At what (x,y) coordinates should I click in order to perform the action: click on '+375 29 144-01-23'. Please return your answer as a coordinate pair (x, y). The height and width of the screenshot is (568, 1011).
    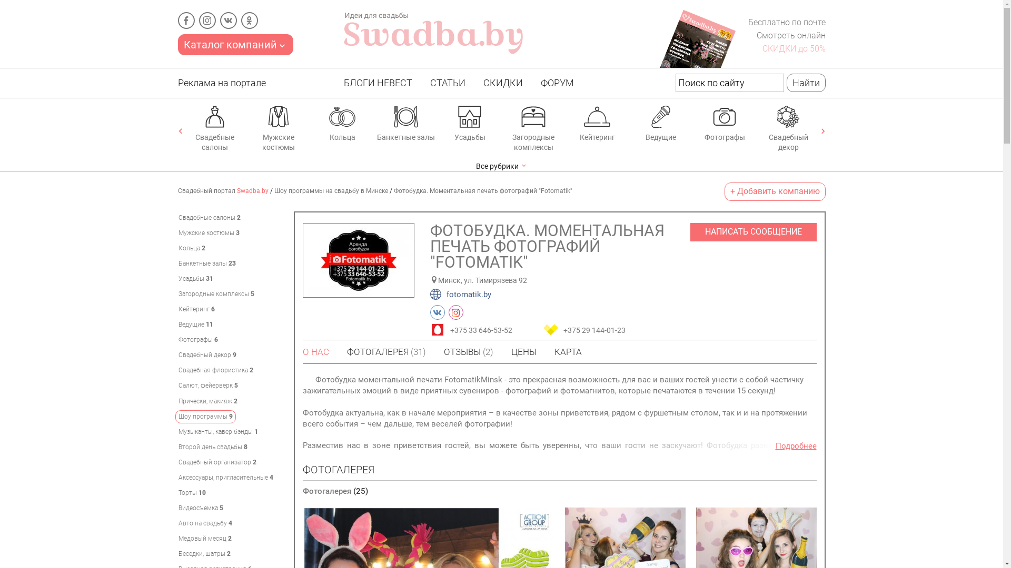
    Looking at the image, I should click on (596, 329).